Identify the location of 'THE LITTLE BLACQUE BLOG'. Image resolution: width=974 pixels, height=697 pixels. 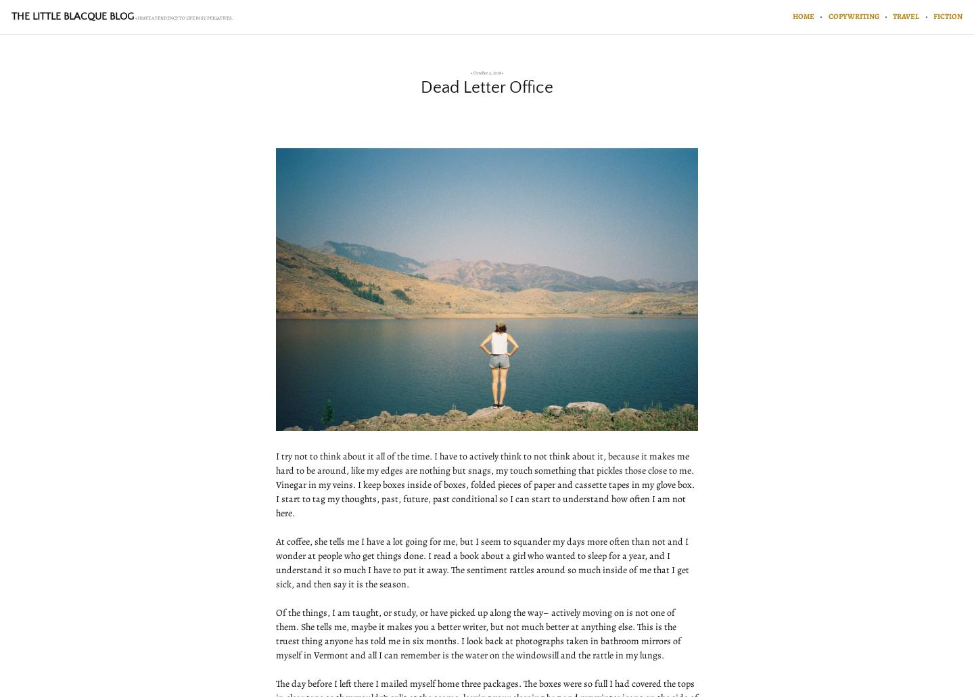
(72, 16).